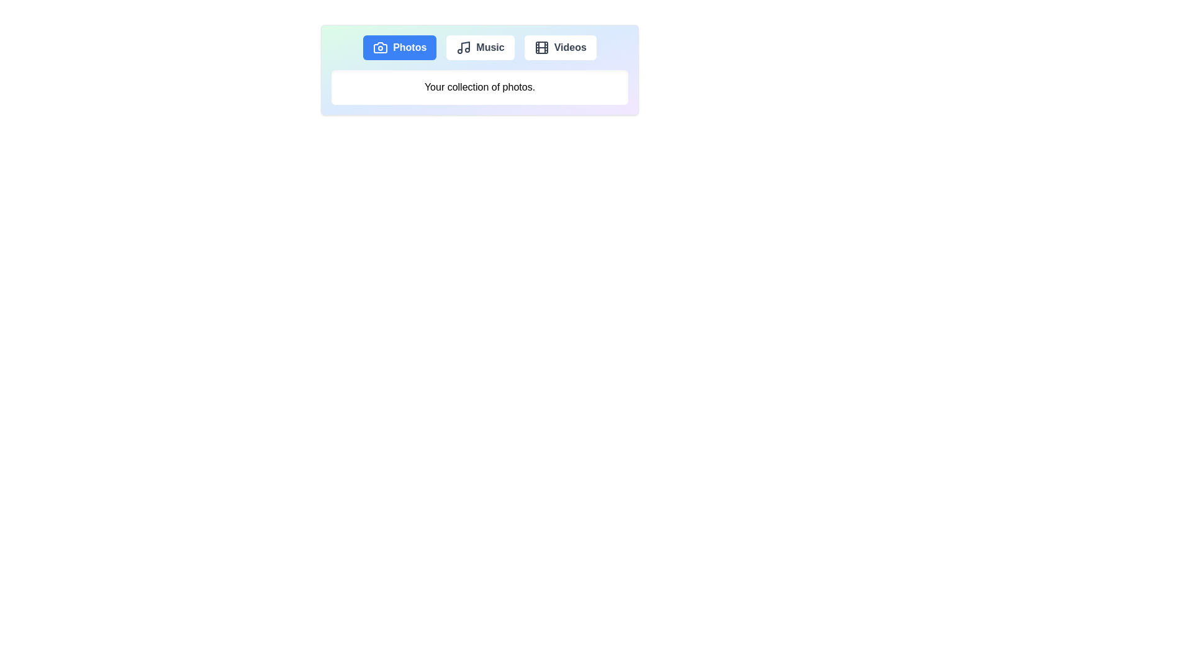 This screenshot has width=1192, height=670. I want to click on the 'Videos' icon located in the button at the top right section of the interface, so click(541, 47).